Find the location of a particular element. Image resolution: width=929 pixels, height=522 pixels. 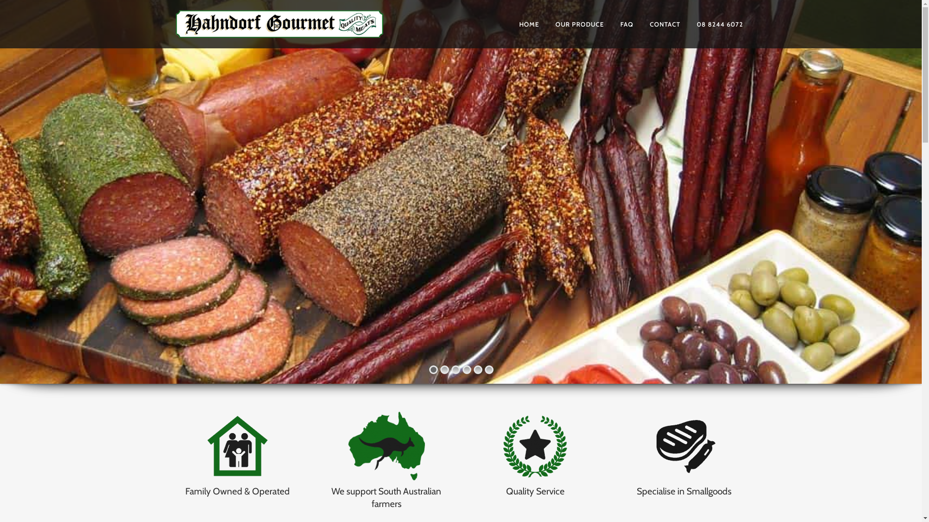

'hg-pod12-01' is located at coordinates (237, 447).